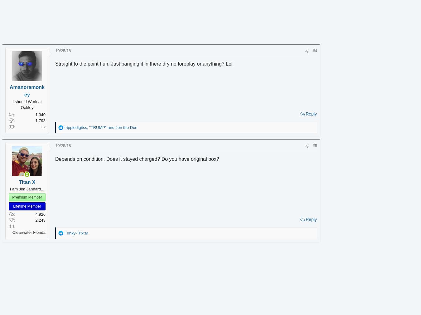 The height and width of the screenshot is (315, 421). I want to click on '#5', so click(303, 145).